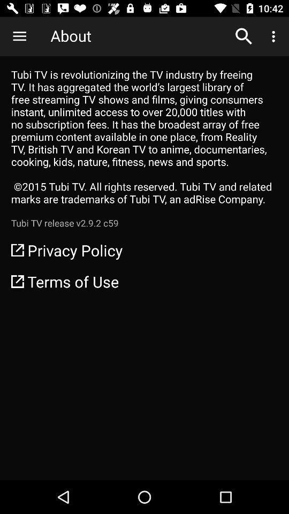 The image size is (289, 514). Describe the element at coordinates (19, 36) in the screenshot. I see `item next to about icon` at that location.